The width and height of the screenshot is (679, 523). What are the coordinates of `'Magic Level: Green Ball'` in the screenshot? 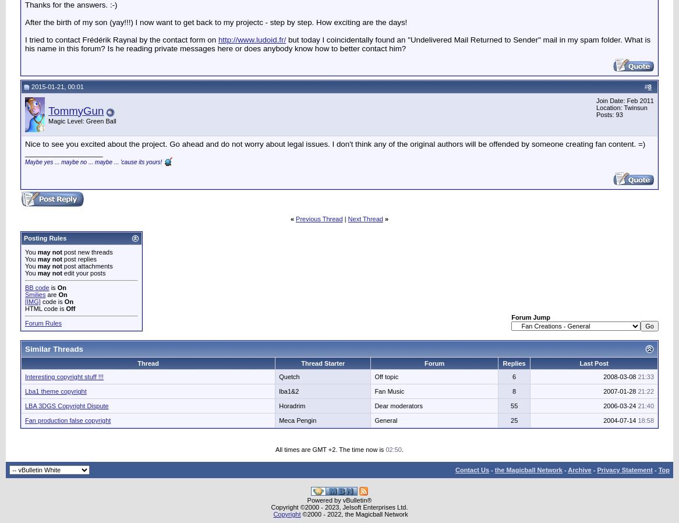 It's located at (82, 119).